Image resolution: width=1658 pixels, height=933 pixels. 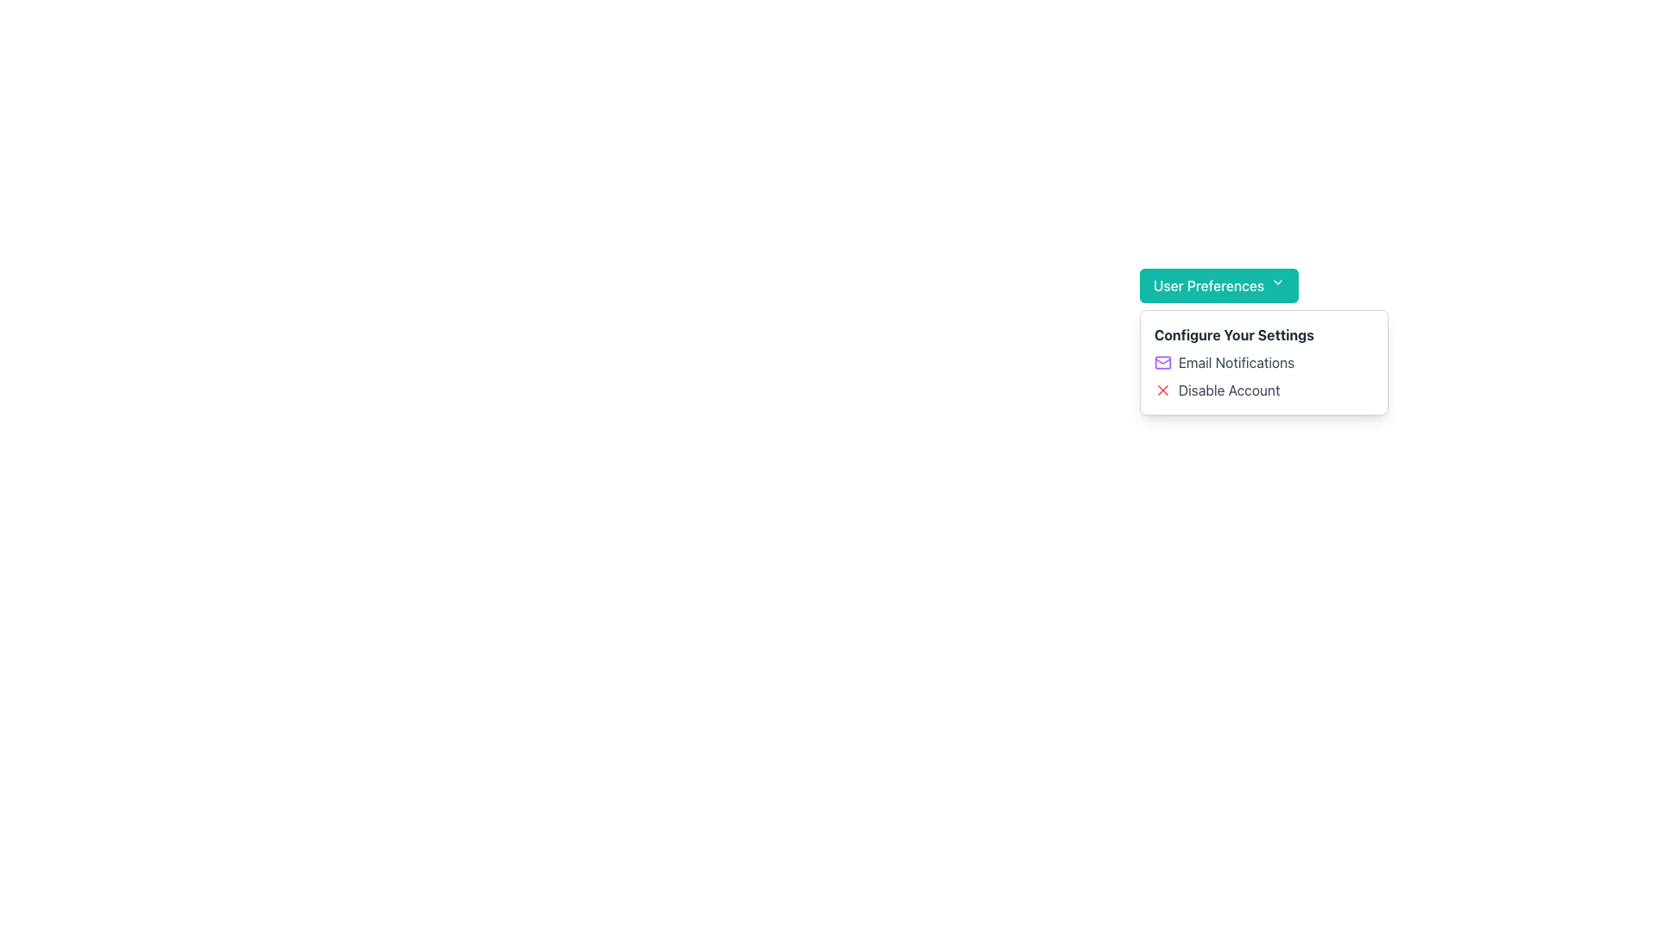 What do you see at coordinates (1162, 390) in the screenshot?
I see `the red 'X' shaped icon for canceling the action, located to the left of 'Disable Account' in the User Preferences dropdown menu` at bounding box center [1162, 390].